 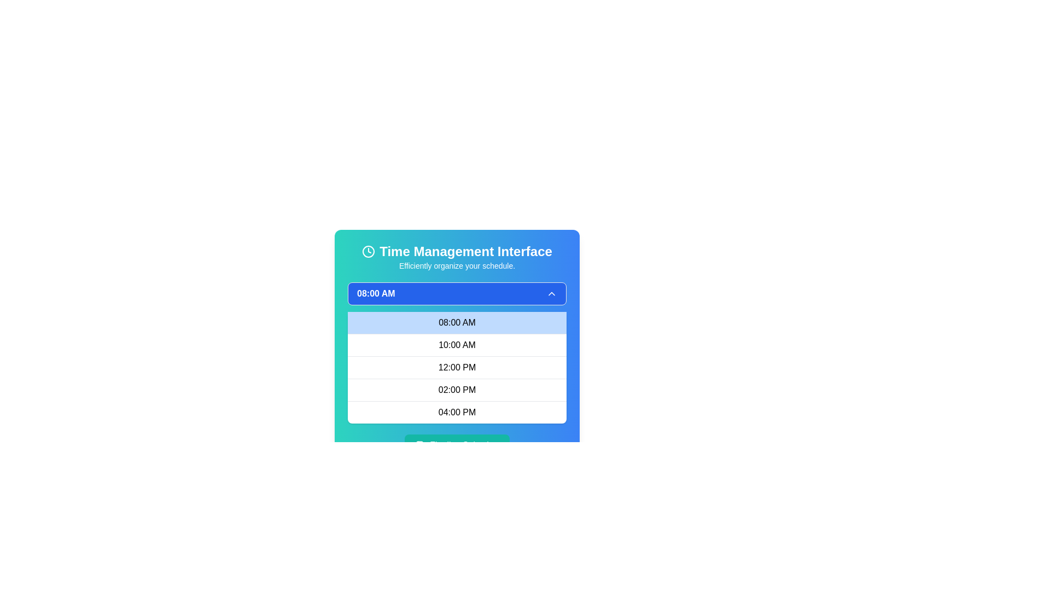 What do you see at coordinates (457, 322) in the screenshot?
I see `the first list item in the dropdown menu` at bounding box center [457, 322].